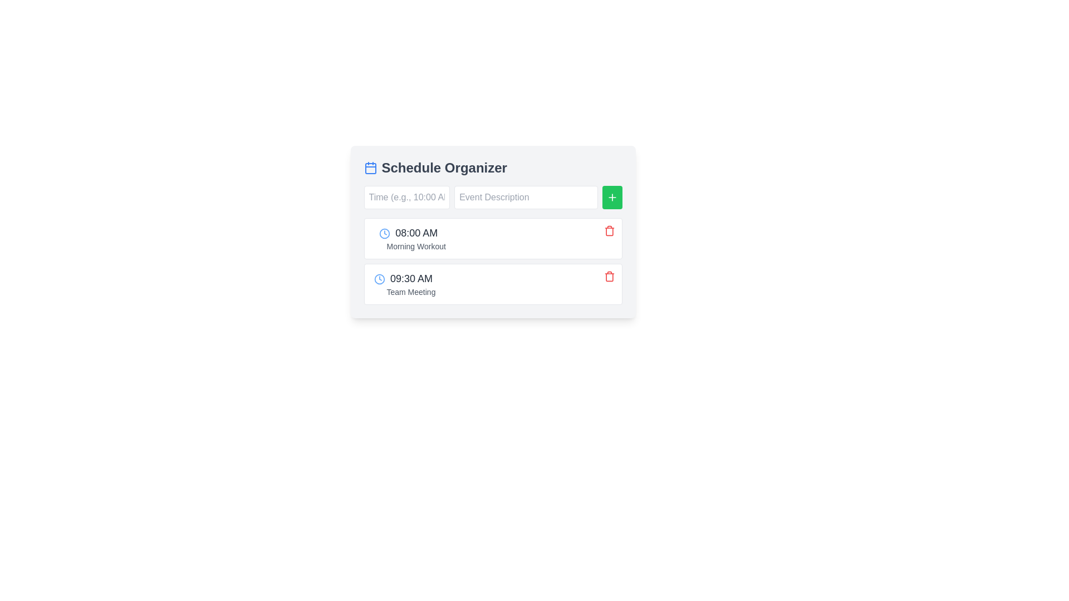  I want to click on the delete button located on the rightmost side of the '09:30 AM Team Meeting' block, so click(609, 276).